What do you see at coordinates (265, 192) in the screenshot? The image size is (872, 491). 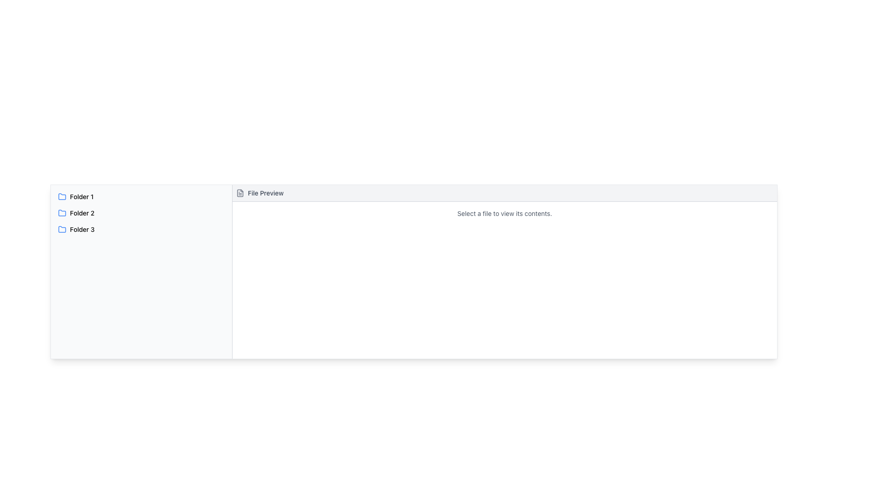 I see `the 'File Preview' text label, which is displayed in a medium-sized, gray, slightly bold font, located in the horizontal header bar next to a document icon` at bounding box center [265, 192].